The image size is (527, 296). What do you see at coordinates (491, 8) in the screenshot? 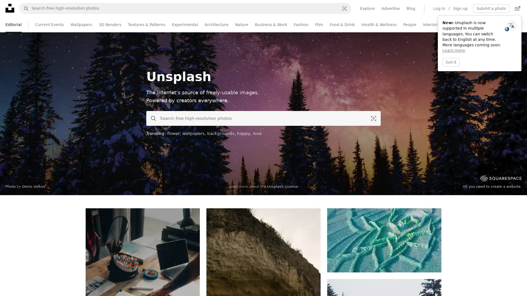
I see `Submita photo` at bounding box center [491, 8].